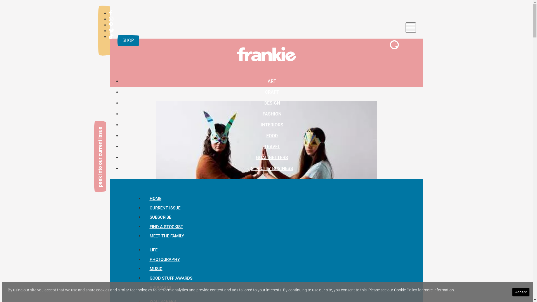  I want to click on 'TRAVEL', so click(260, 146).